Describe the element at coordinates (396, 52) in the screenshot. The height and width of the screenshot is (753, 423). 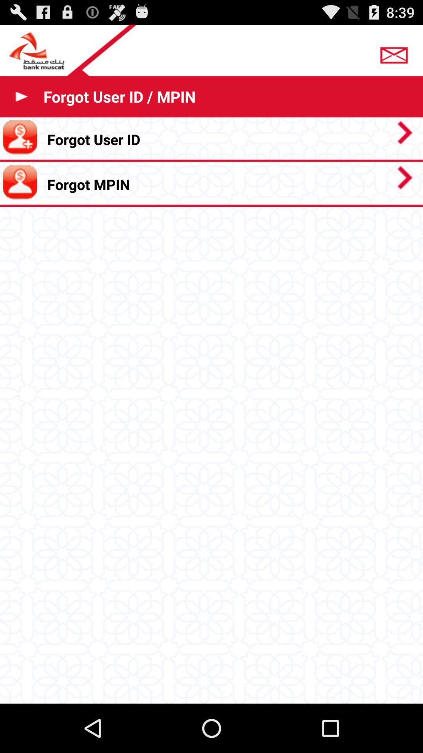
I see `email bank` at that location.